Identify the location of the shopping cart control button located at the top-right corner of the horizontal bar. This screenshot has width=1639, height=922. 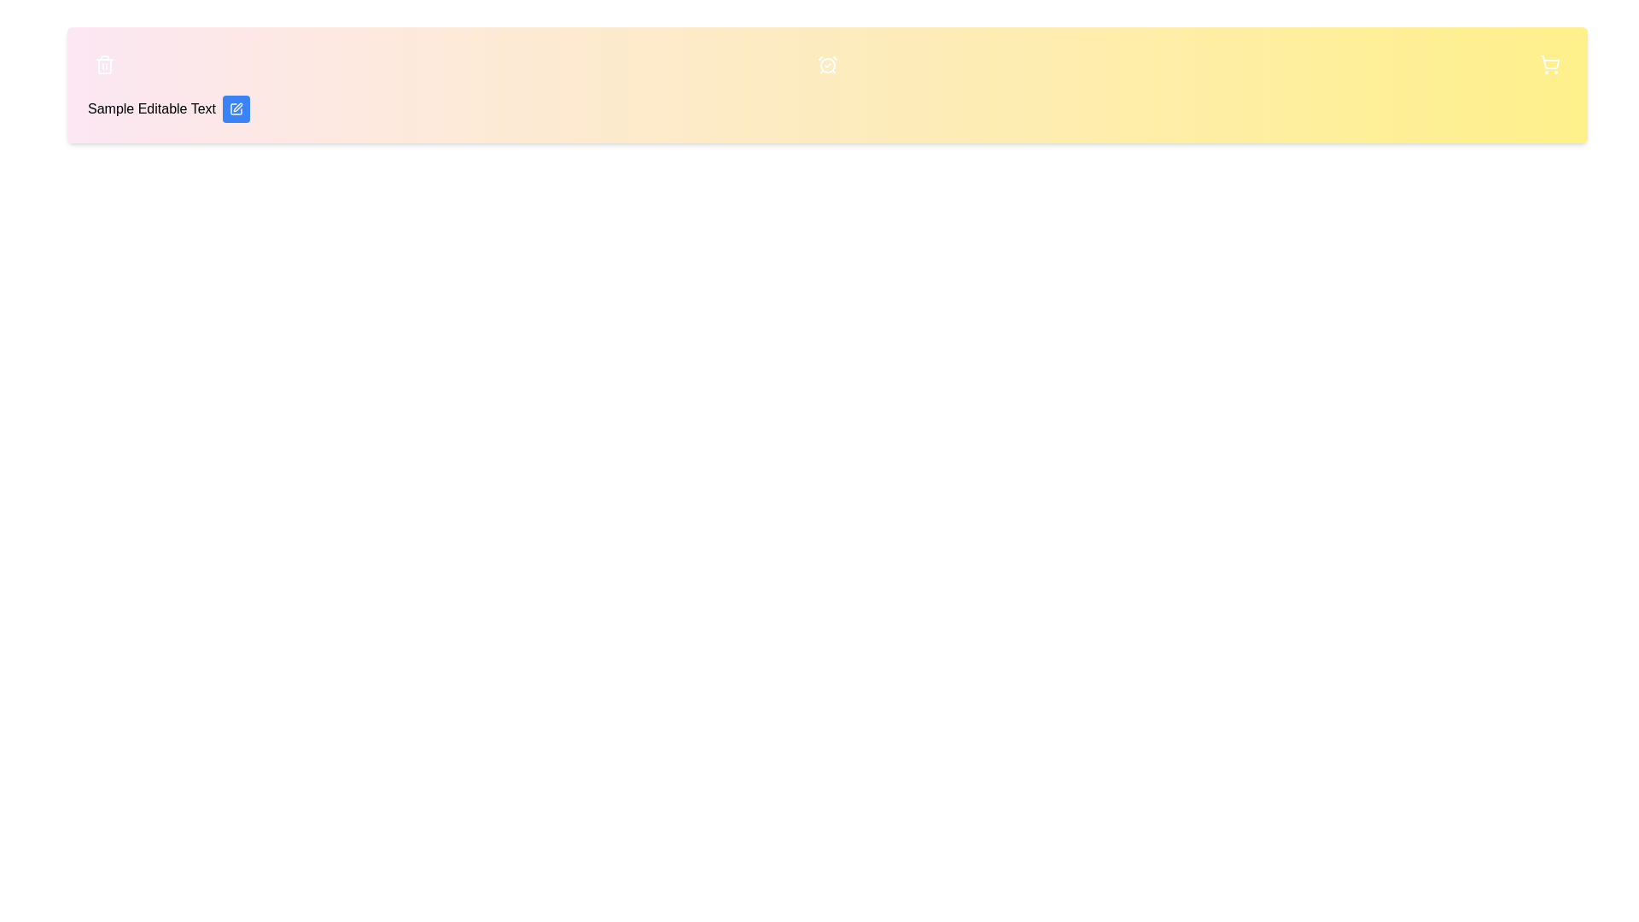
(1549, 64).